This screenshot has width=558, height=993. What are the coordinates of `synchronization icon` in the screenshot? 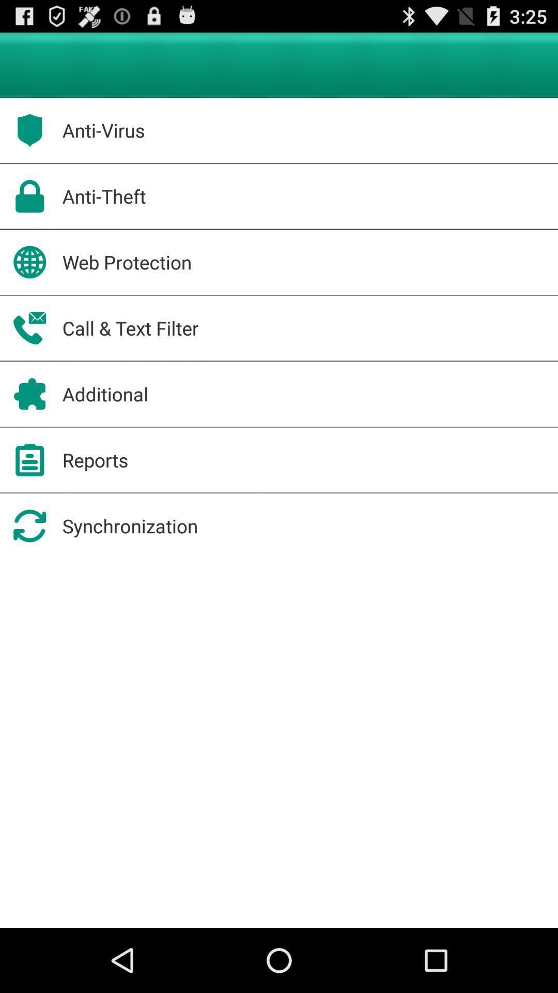 It's located at (129, 526).